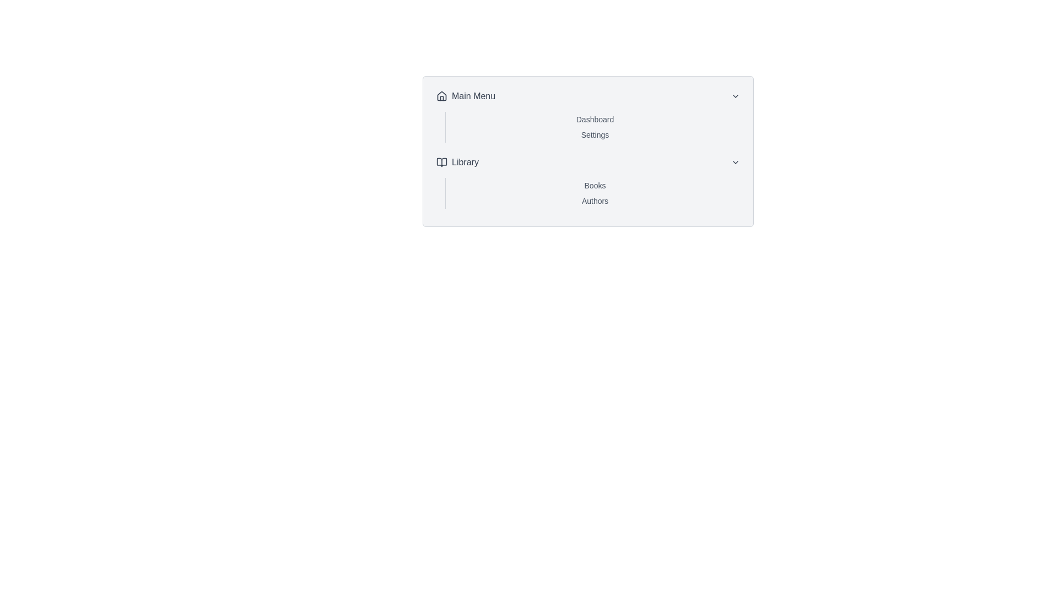  Describe the element at coordinates (441, 95) in the screenshot. I see `the house icon located in the upper-left corner of the menu box, next to the text 'Main Menu'` at that location.